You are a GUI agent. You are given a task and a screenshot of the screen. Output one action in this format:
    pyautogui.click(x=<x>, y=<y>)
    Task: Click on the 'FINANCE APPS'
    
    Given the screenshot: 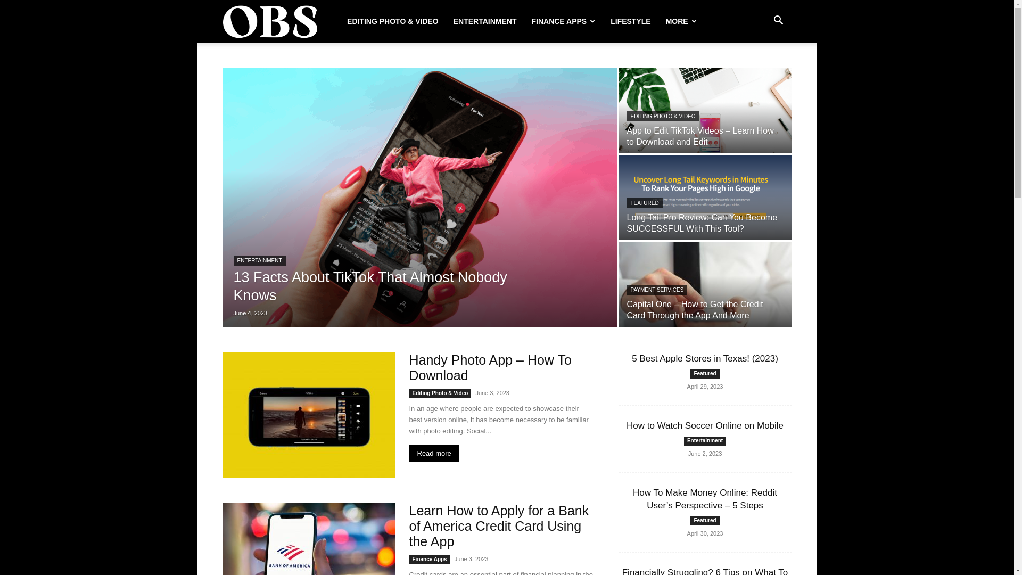 What is the action you would take?
    pyautogui.click(x=563, y=21)
    